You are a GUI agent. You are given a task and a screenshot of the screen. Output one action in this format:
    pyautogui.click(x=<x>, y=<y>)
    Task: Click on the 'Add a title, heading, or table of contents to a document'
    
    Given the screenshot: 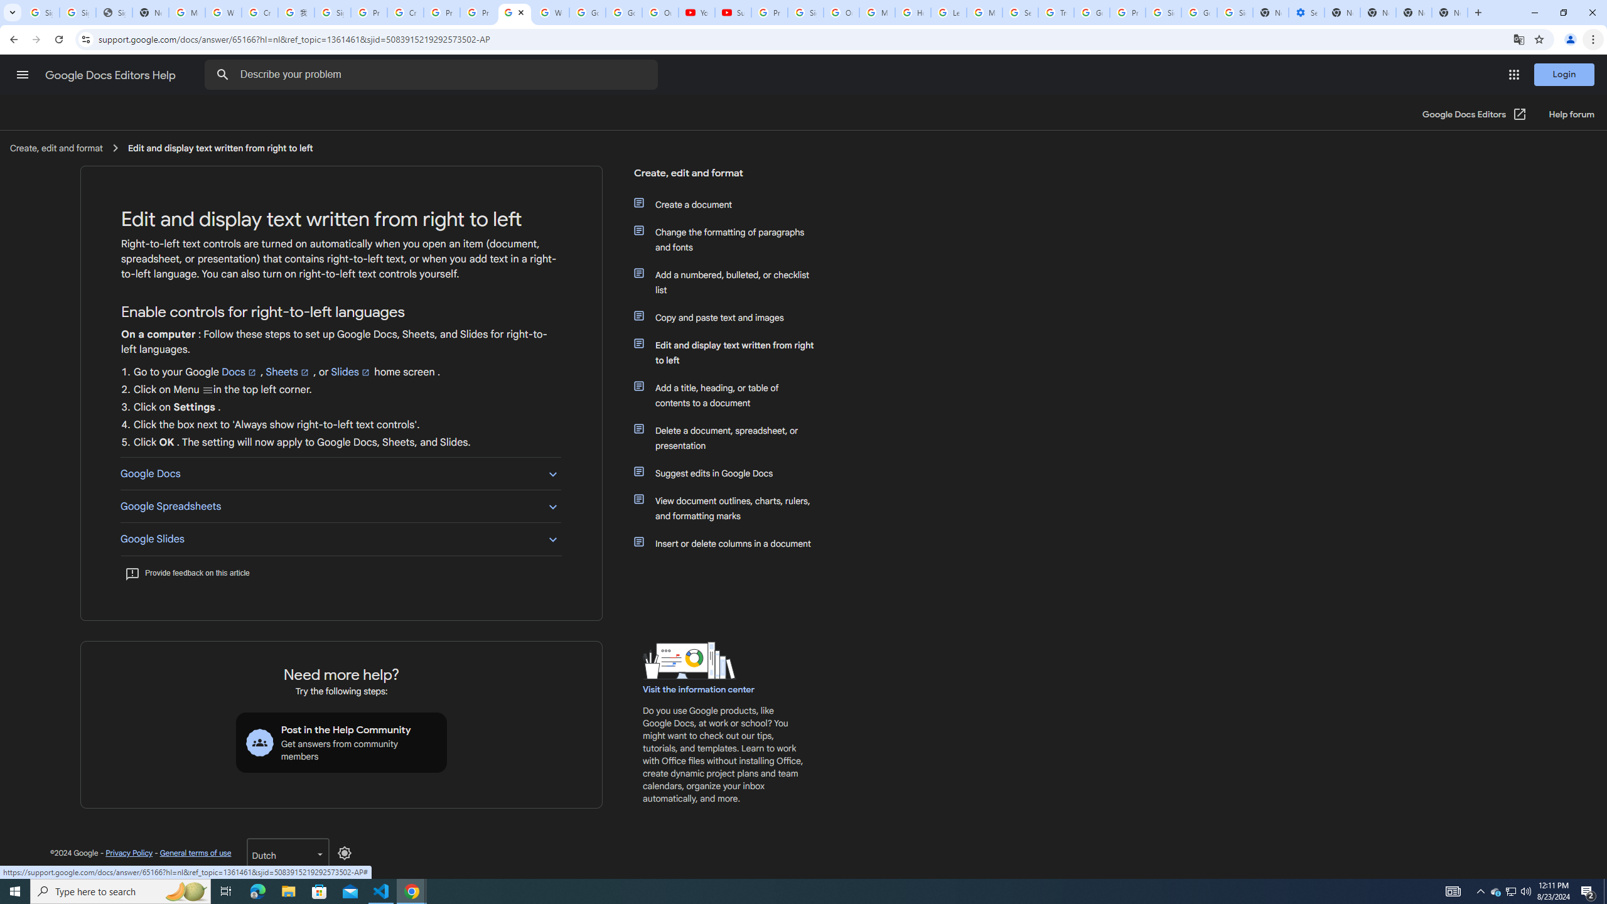 What is the action you would take?
    pyautogui.click(x=729, y=395)
    